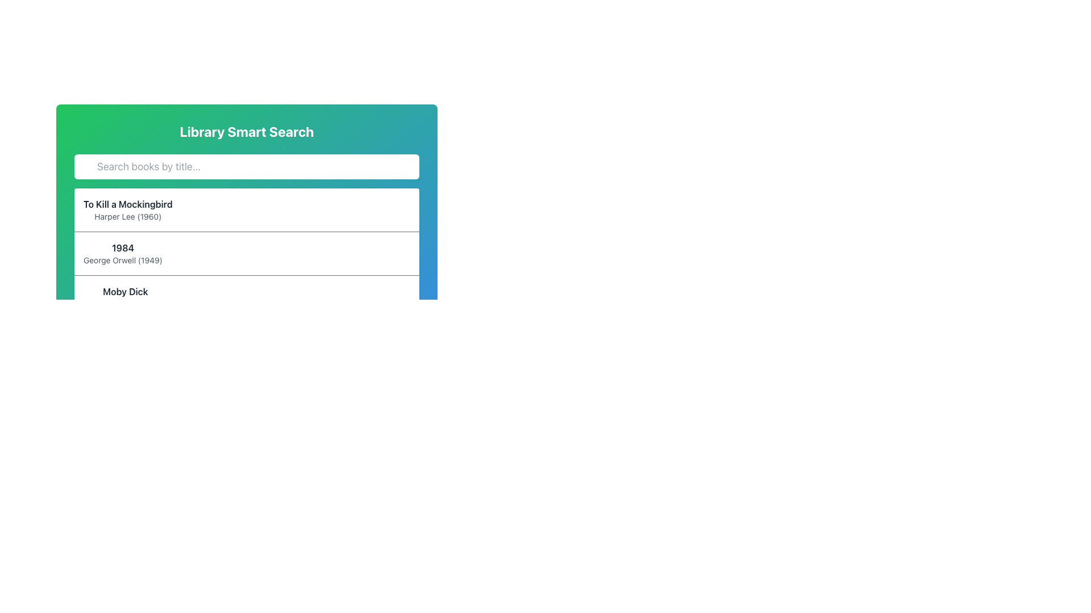 The height and width of the screenshot is (613, 1091). Describe the element at coordinates (123, 253) in the screenshot. I see `the label displaying the title and author information for the book '1984' by George Orwell, which is positioned below 'To Kill a Mockingbird' and above 'Moby Dick'` at that location.